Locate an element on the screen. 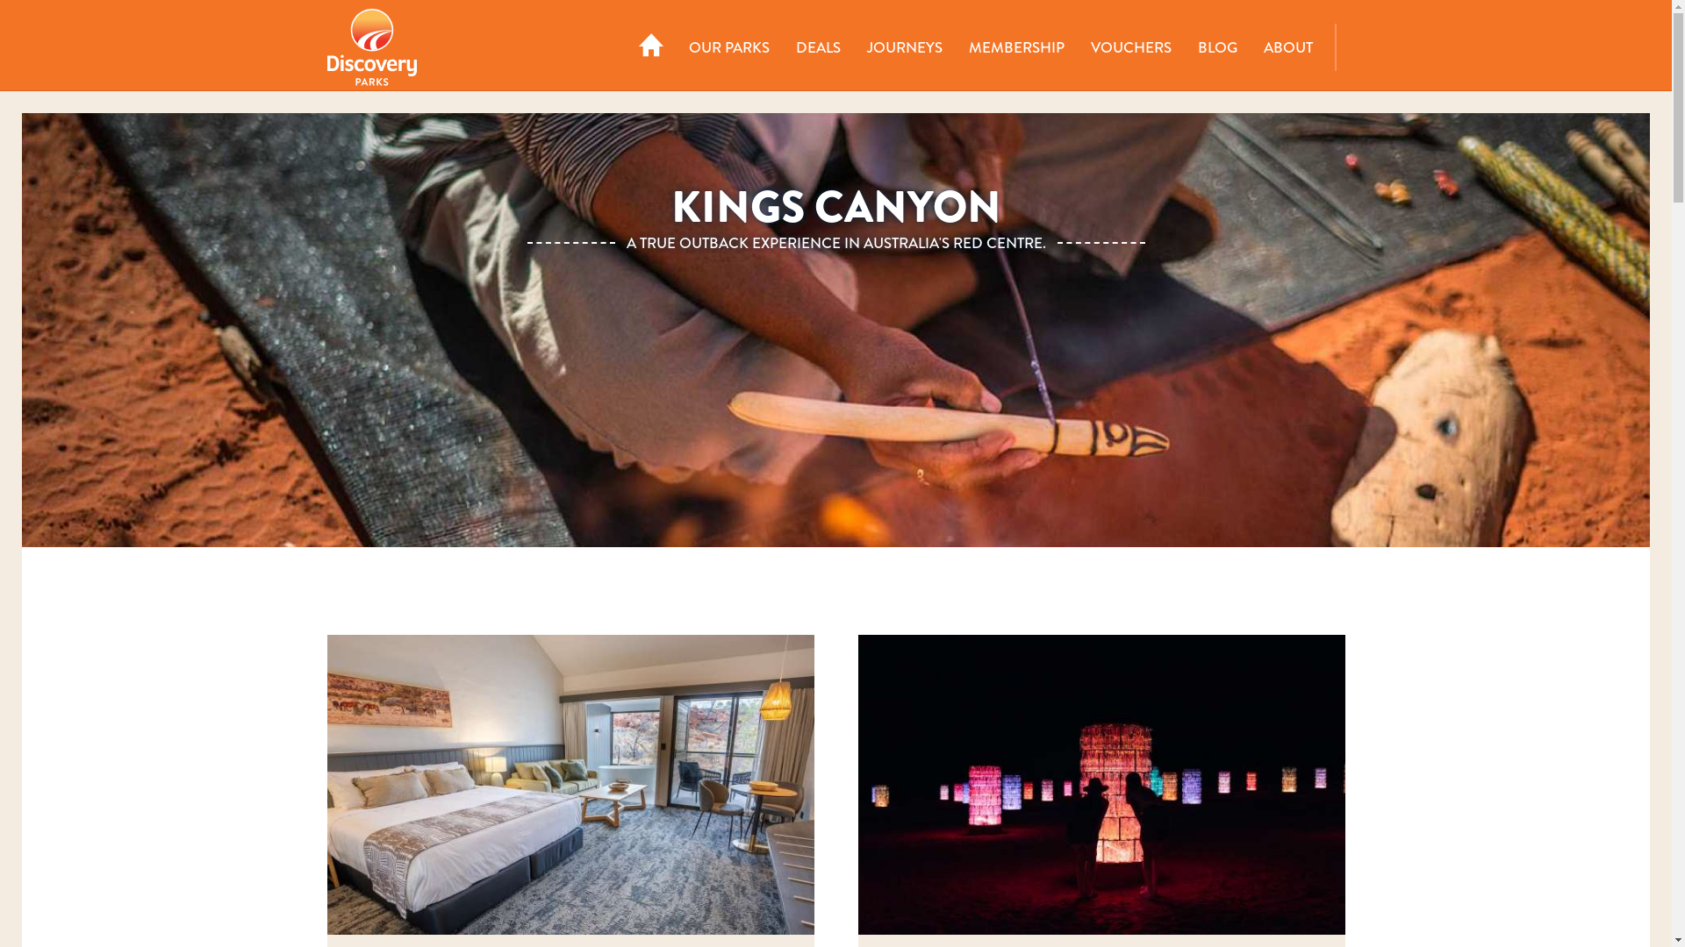 The image size is (1685, 947). 'ABOUT' is located at coordinates (1249, 46).